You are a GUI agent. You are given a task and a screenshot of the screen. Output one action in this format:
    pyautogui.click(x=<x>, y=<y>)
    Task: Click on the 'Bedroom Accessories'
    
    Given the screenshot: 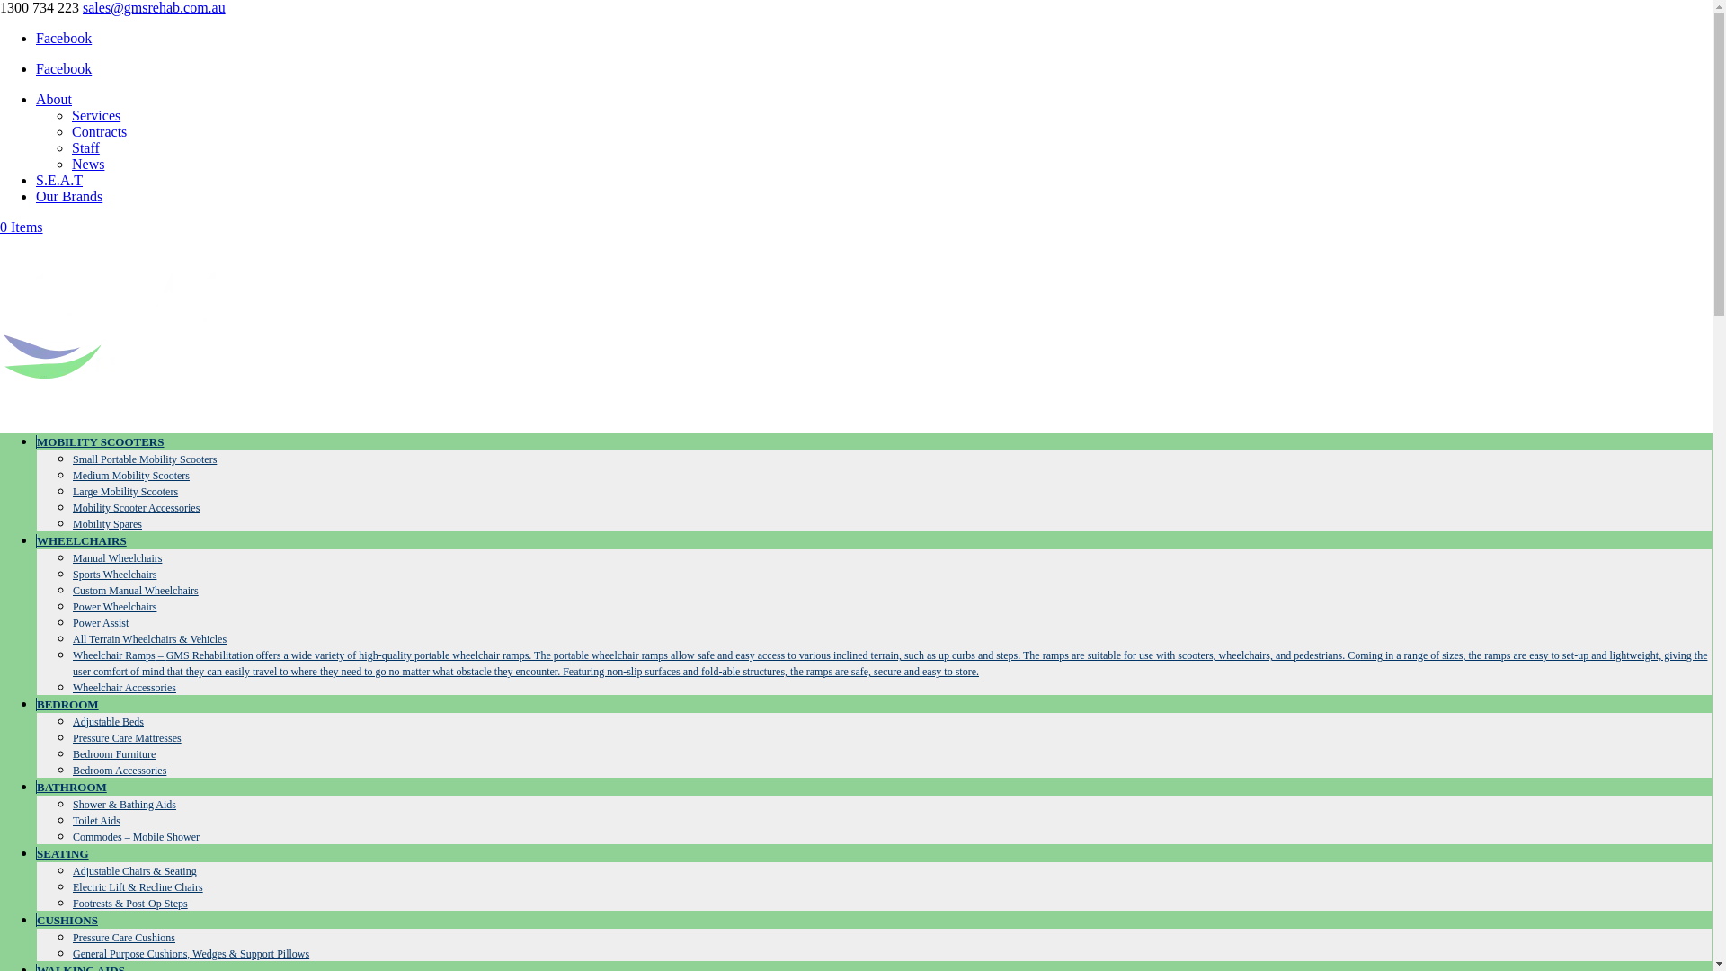 What is the action you would take?
    pyautogui.click(x=119, y=769)
    